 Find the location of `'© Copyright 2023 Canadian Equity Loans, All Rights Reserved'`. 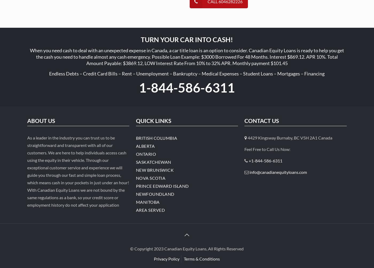

'© Copyright 2023 Canadian Equity Loans, All Rights Reserved' is located at coordinates (187, 248).